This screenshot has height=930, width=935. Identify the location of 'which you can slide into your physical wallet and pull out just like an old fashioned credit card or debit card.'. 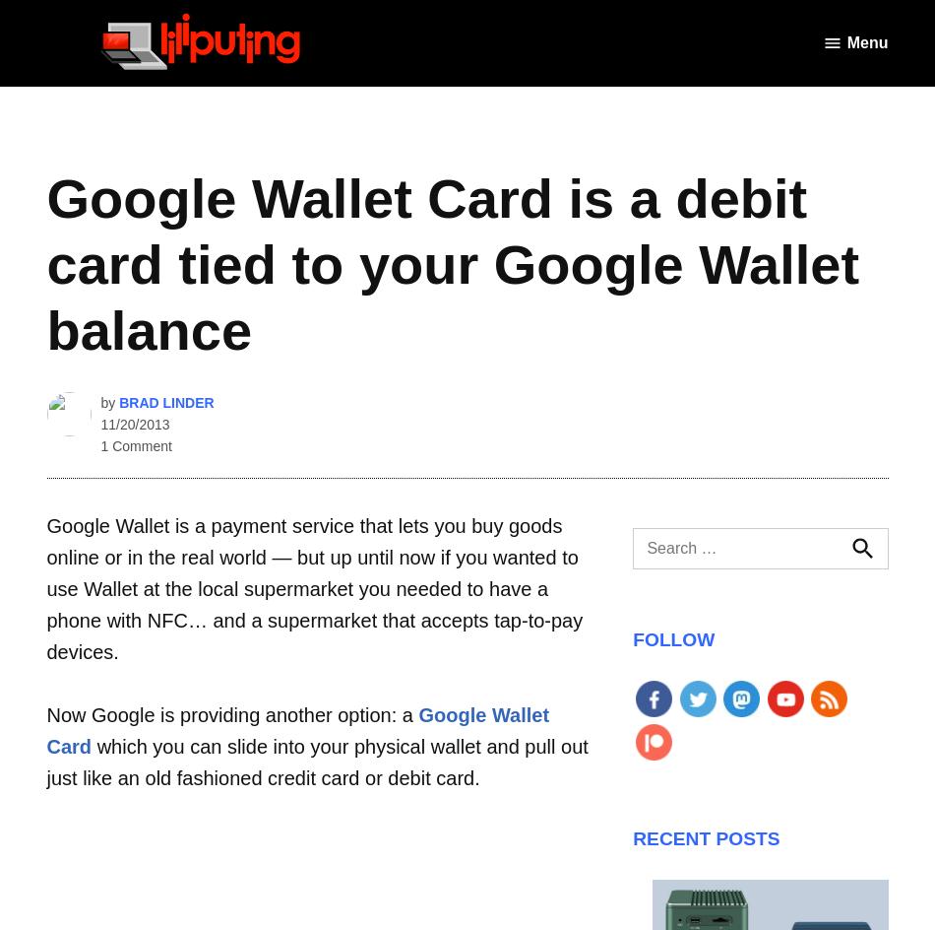
(315, 761).